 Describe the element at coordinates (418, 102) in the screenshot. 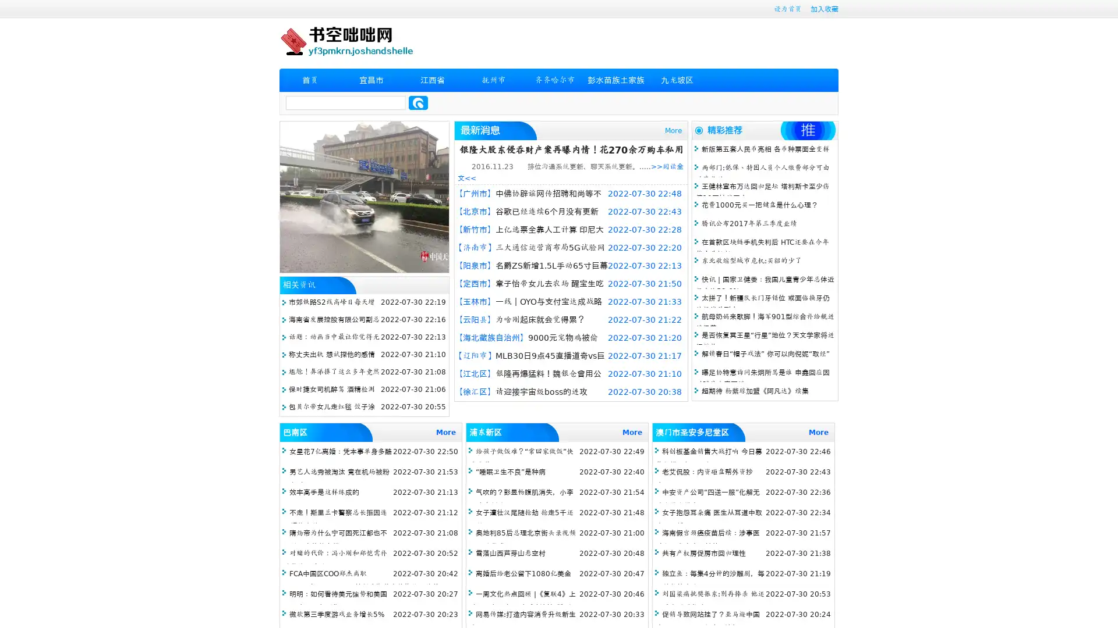

I see `Search` at that location.